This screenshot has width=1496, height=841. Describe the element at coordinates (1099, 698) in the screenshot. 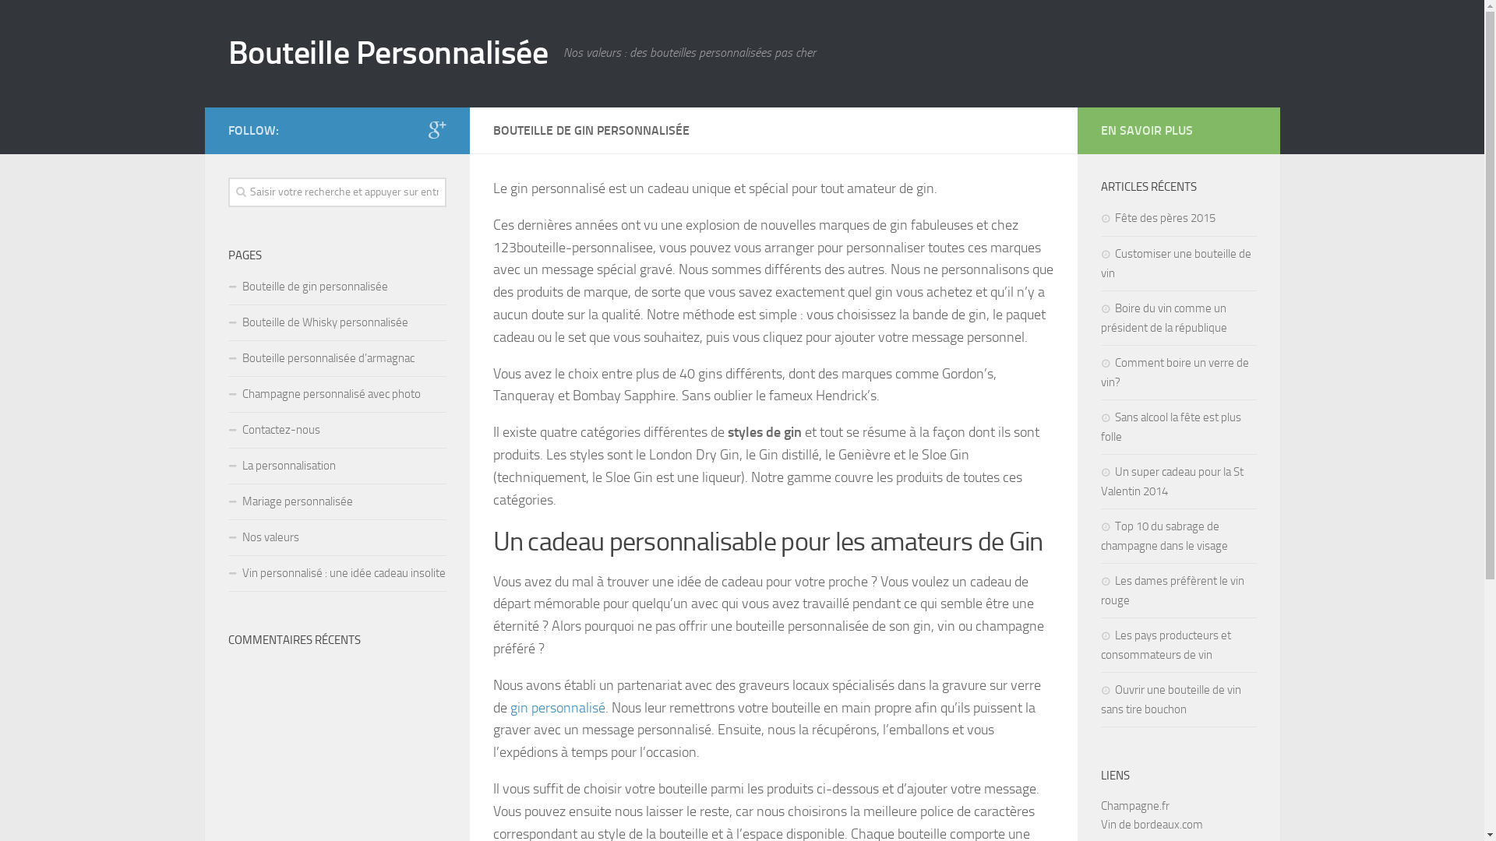

I see `'Ouvrir une bouteille de vin sans tire bouchon'` at that location.